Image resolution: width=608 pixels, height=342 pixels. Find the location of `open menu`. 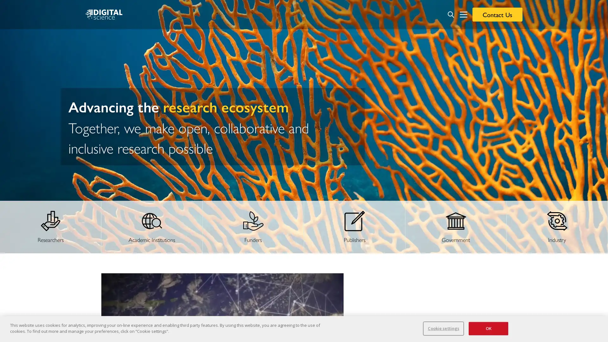

open menu is located at coordinates (464, 14).